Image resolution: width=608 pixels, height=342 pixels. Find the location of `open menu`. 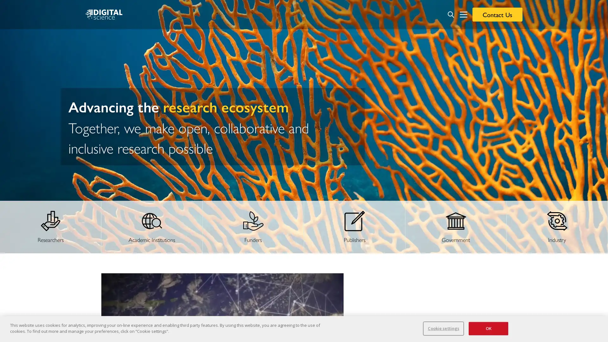

open menu is located at coordinates (464, 14).